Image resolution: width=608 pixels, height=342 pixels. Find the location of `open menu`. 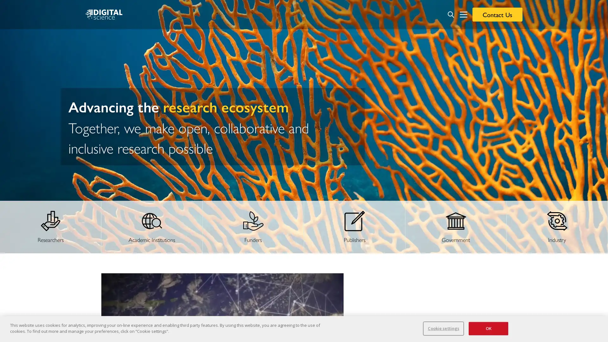

open menu is located at coordinates (464, 14).